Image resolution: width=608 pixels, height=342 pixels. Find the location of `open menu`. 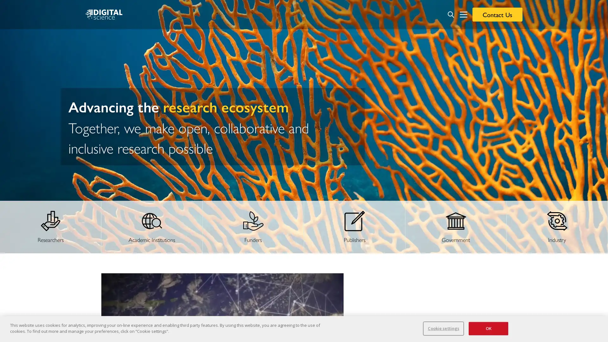

open menu is located at coordinates (464, 14).